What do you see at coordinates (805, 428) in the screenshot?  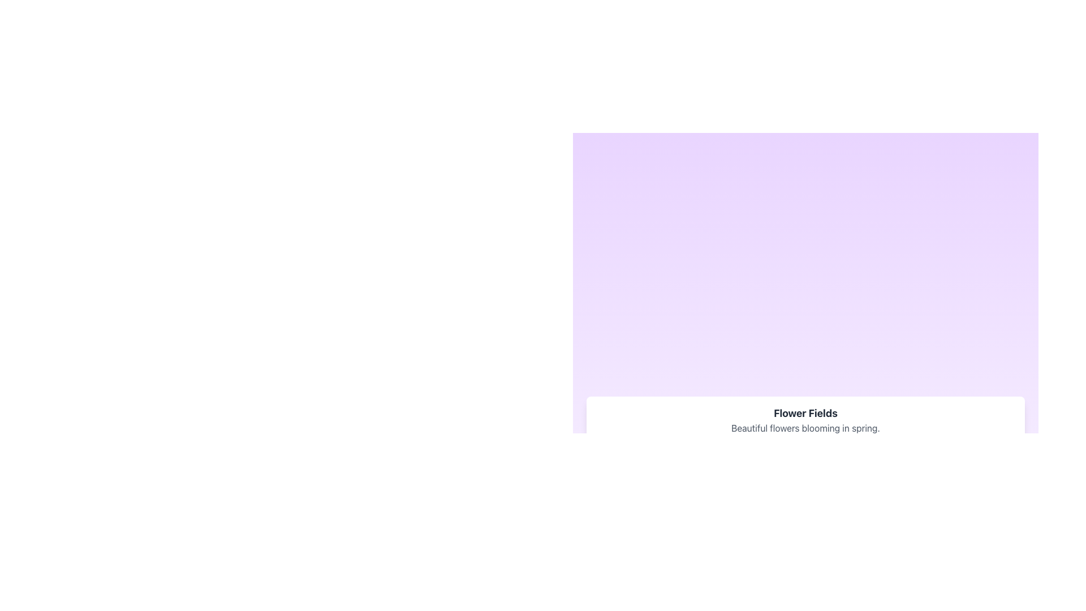 I see `the text block that reads 'Beautiful flowers blooming in spring.' which is positioned below the heading 'Flower Fields.'` at bounding box center [805, 428].